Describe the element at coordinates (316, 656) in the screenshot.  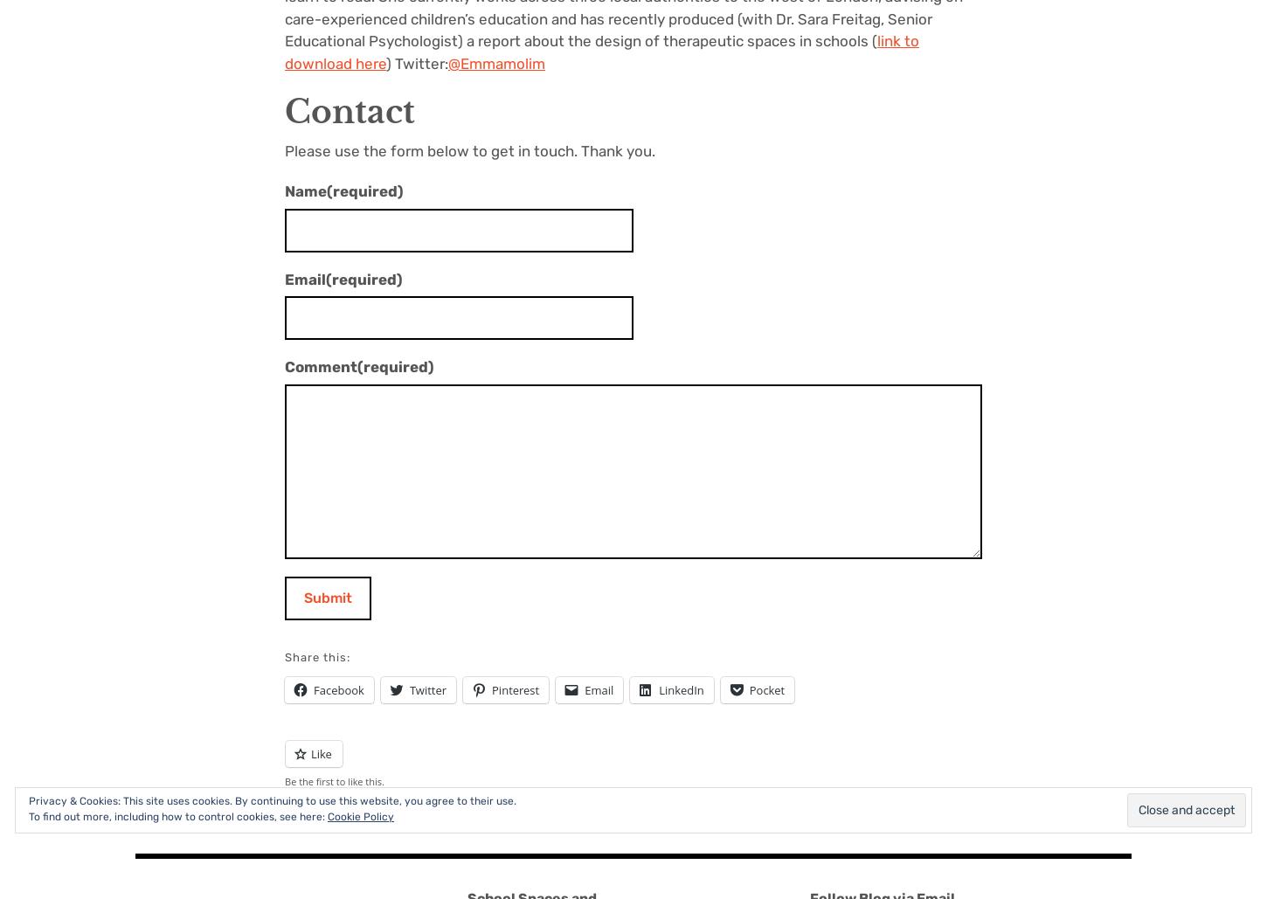
I see `'Share this:'` at that location.